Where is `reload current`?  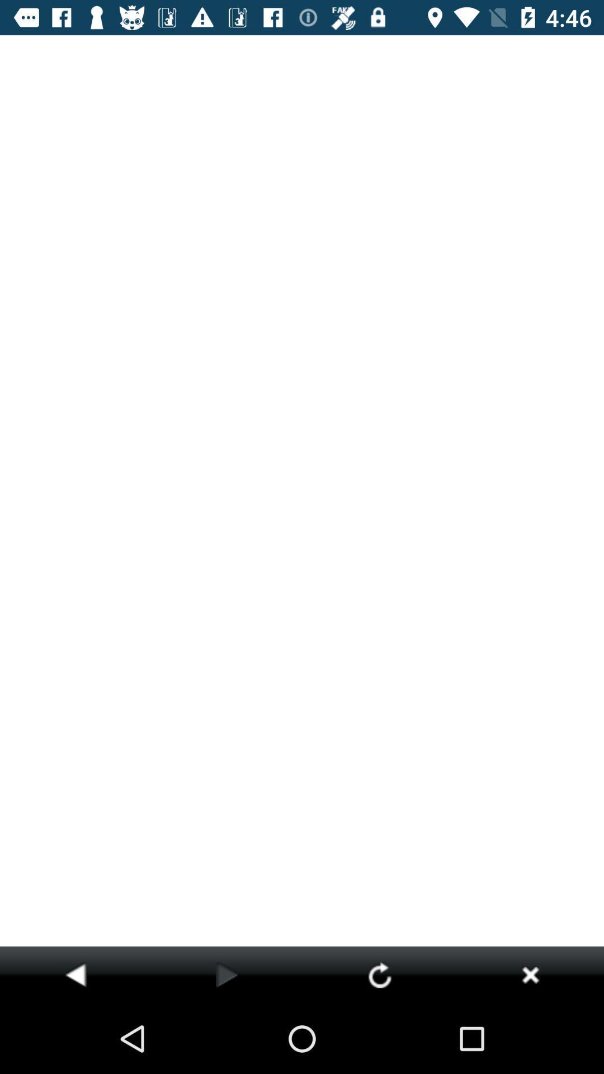
reload current is located at coordinates (379, 974).